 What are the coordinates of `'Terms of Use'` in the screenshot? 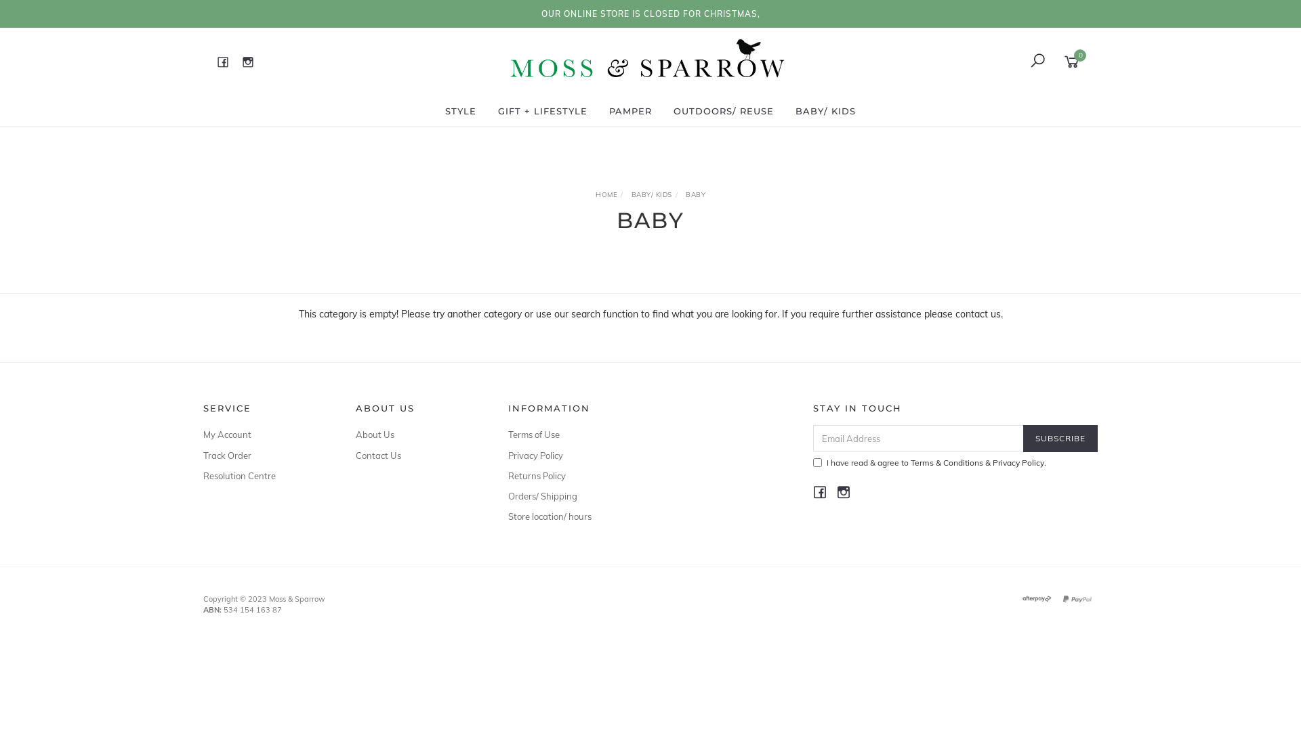 It's located at (569, 434).